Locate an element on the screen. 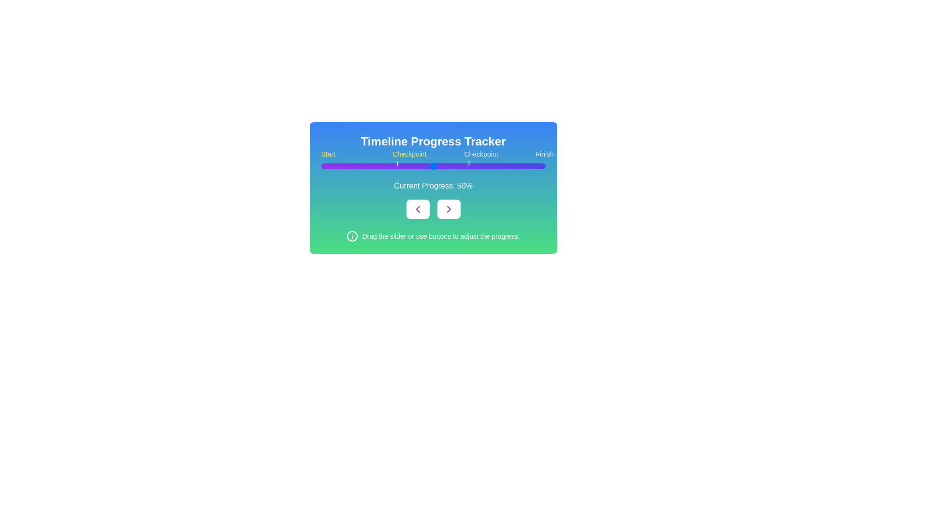  the progress is located at coordinates (522, 165).